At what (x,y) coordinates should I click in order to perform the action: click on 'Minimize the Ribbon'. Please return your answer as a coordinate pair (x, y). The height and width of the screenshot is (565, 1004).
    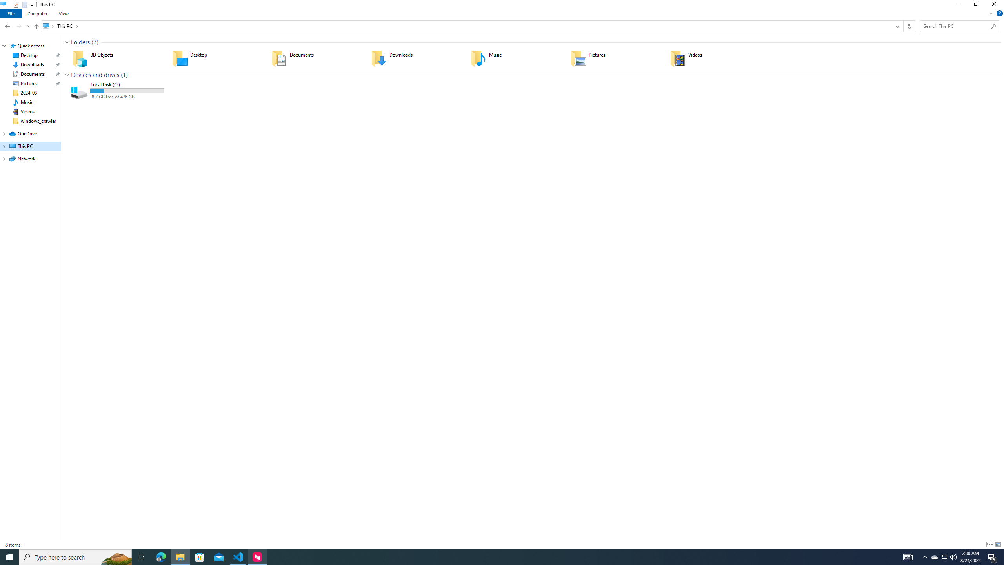
    Looking at the image, I should click on (991, 13).